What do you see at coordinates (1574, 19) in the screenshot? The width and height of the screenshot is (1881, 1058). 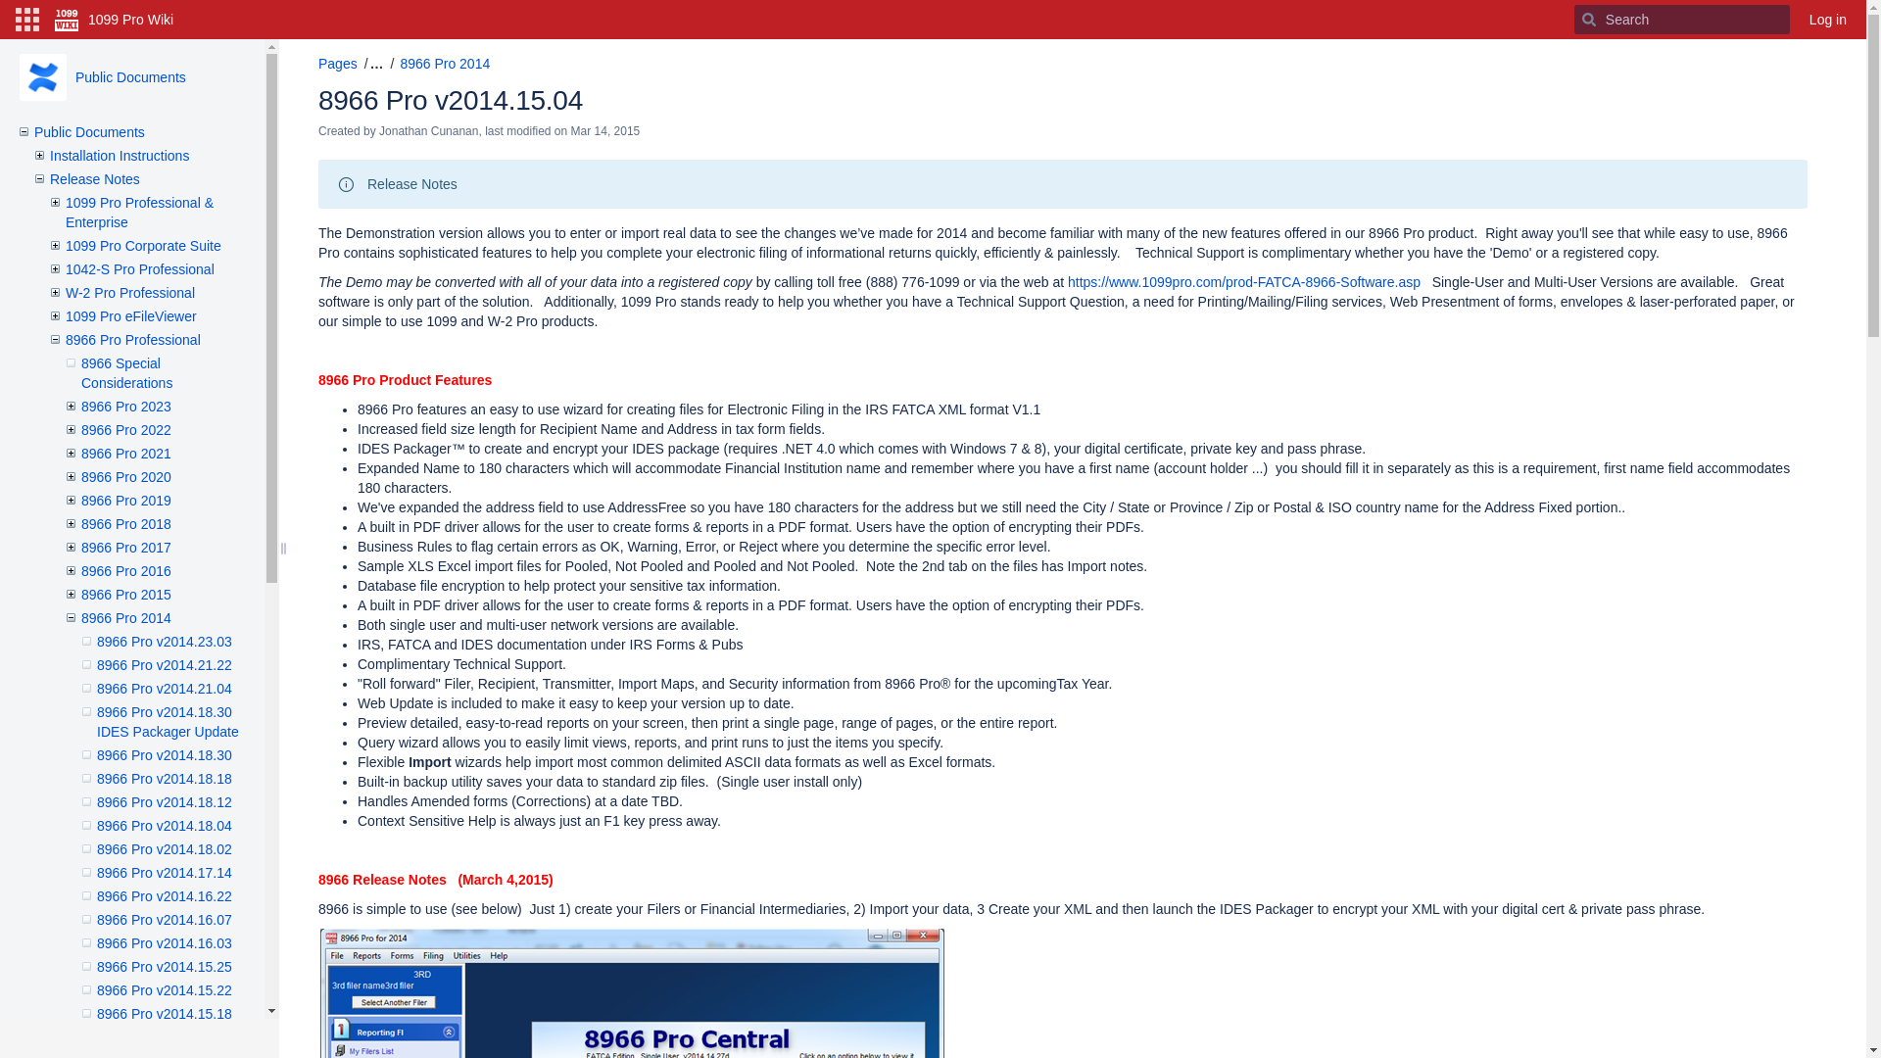 I see `' (Type 'g' then 'g'OR '/')'` at bounding box center [1574, 19].